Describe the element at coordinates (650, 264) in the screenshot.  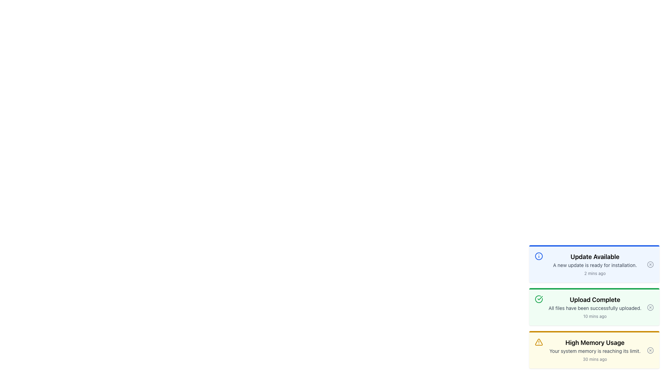
I see `the circular dismissal icon with a small cross inside, located at the top-right corner of the 'Update Available' notification panel` at that location.